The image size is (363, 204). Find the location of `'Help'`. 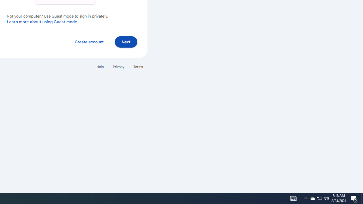

'Help' is located at coordinates (100, 66).